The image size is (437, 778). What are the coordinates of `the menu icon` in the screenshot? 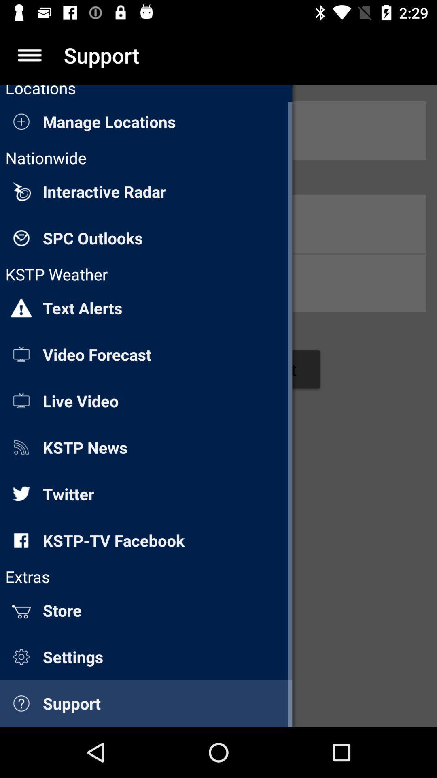 It's located at (29, 55).